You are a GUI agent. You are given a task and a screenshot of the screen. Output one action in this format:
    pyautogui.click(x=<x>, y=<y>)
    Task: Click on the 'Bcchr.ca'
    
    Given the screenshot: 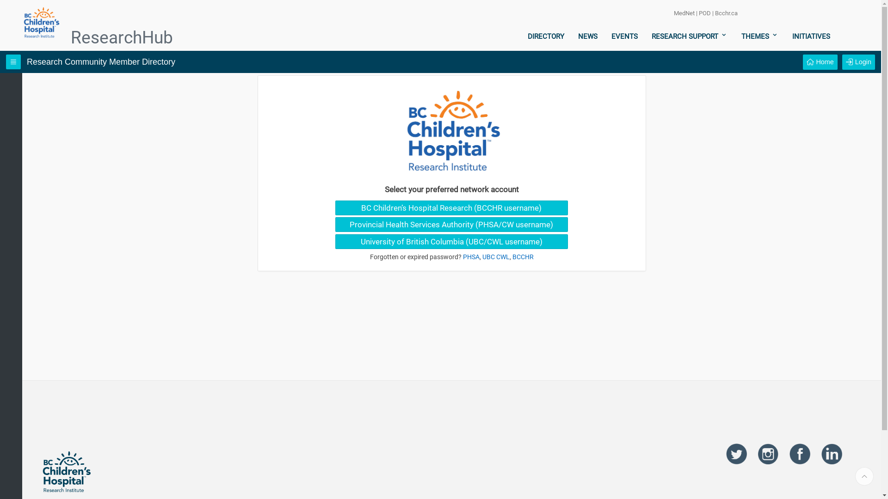 What is the action you would take?
    pyautogui.click(x=726, y=13)
    